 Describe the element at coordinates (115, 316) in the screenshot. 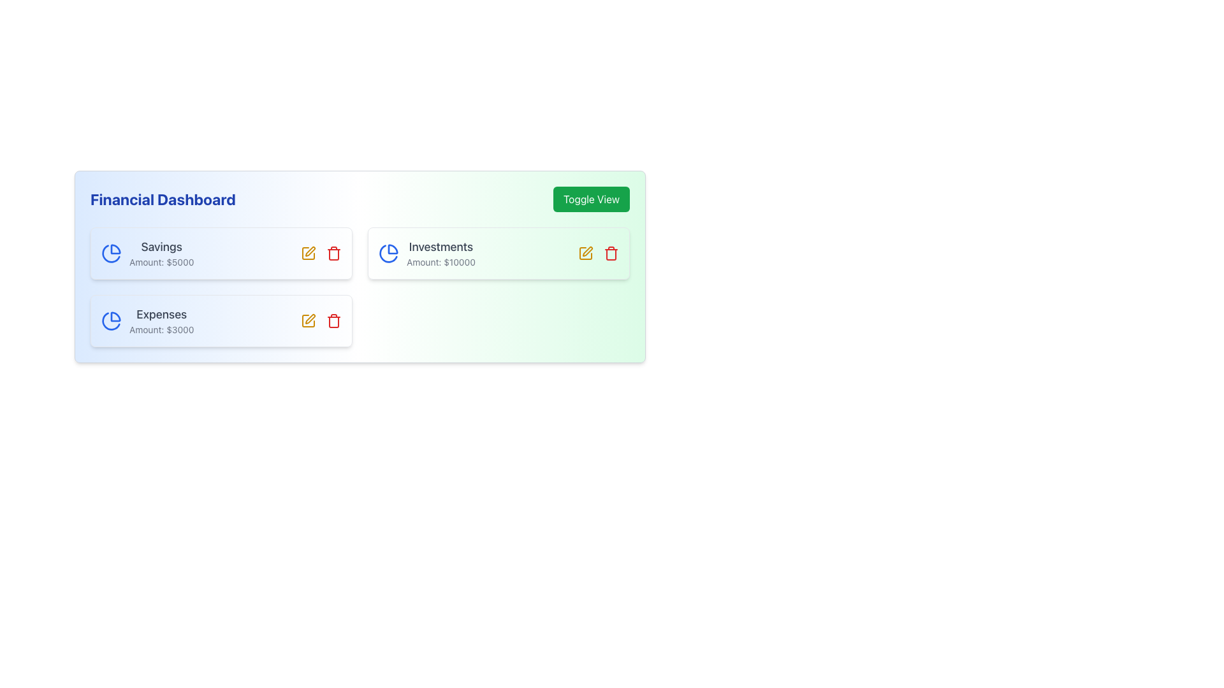

I see `the pie chart icon located in the top-left corner of the 'Expenses' card on the Financial Dashboard` at that location.